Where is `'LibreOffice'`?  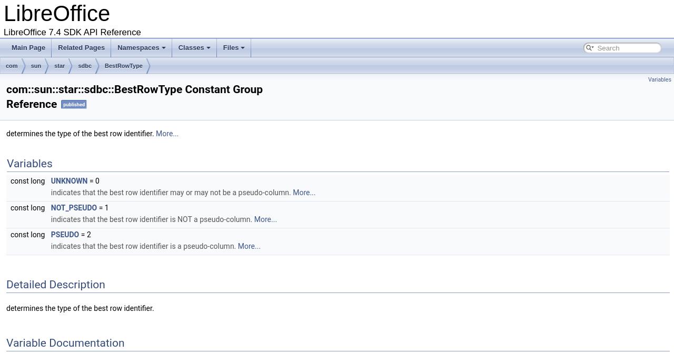
'LibreOffice' is located at coordinates (56, 13).